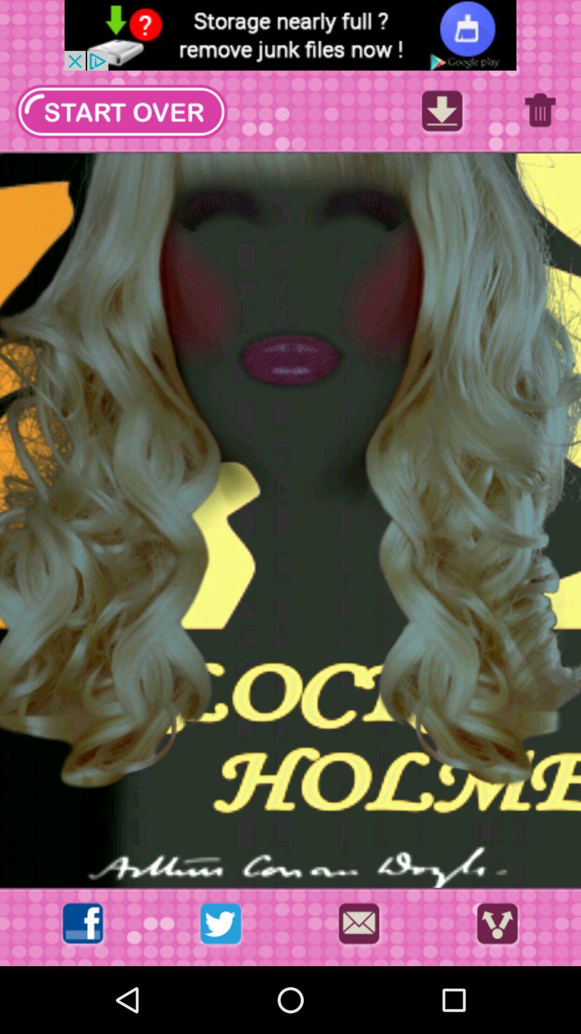  Describe the element at coordinates (82, 926) in the screenshot. I see `share to facebook` at that location.